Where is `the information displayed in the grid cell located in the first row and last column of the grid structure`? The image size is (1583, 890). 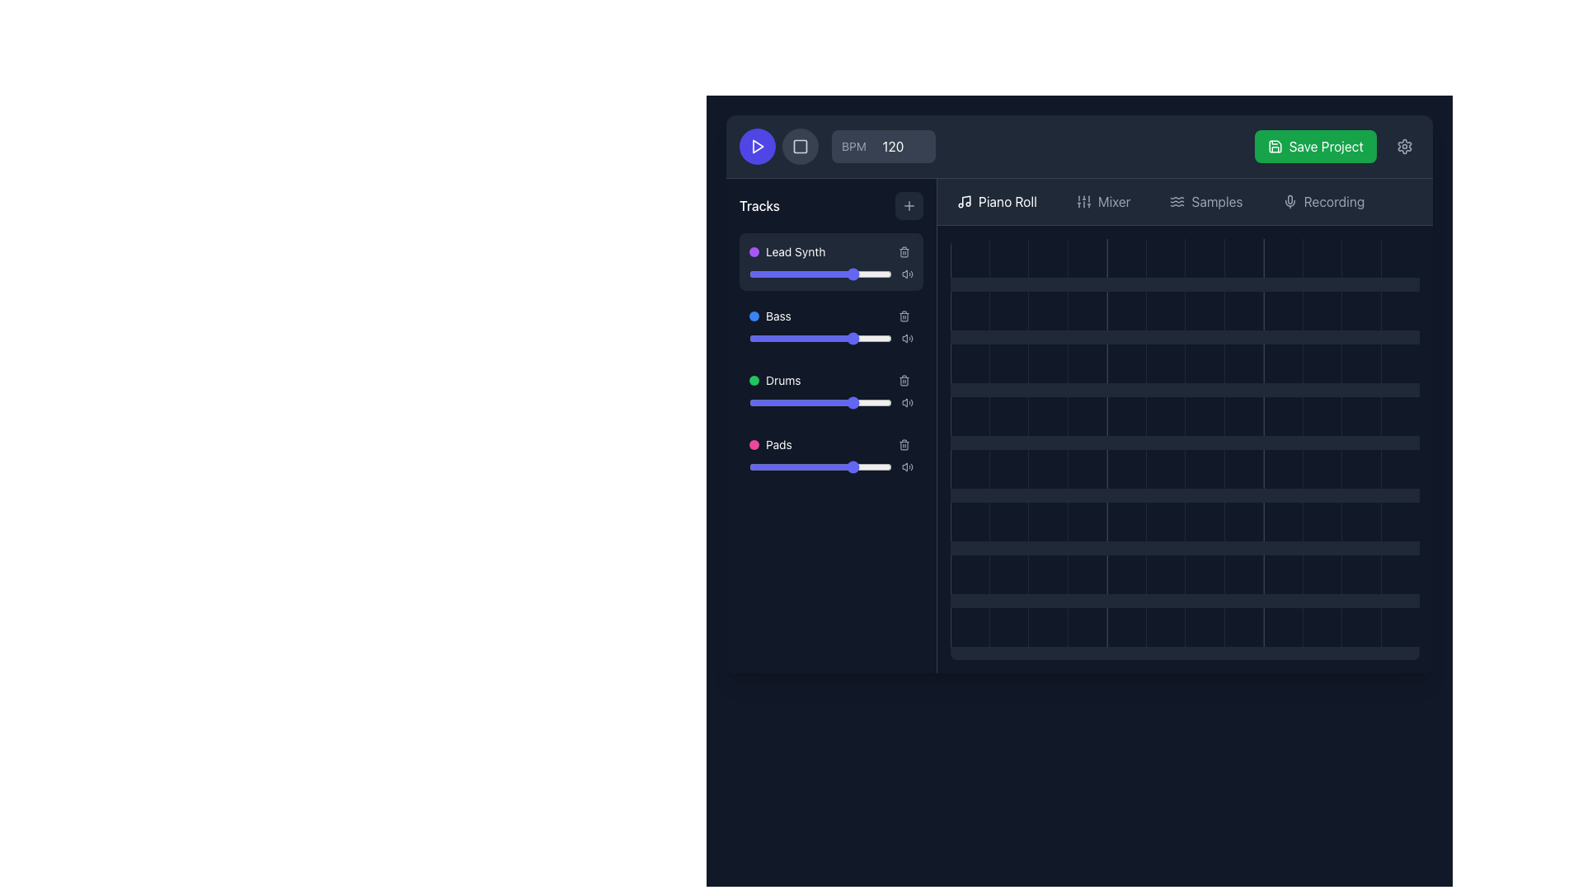 the information displayed in the grid cell located in the first row and last column of the grid structure is located at coordinates (1282, 258).